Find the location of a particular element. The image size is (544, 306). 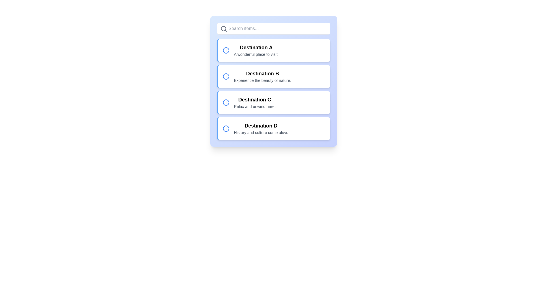

the blue circular Informational Icon located on the left side of the text content within 'Destination C' is located at coordinates (226, 103).